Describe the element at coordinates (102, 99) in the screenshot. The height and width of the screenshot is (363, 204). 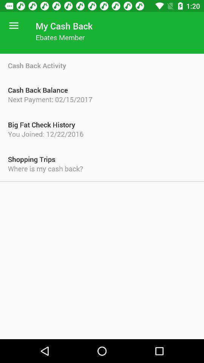
I see `the next payment 02 icon` at that location.